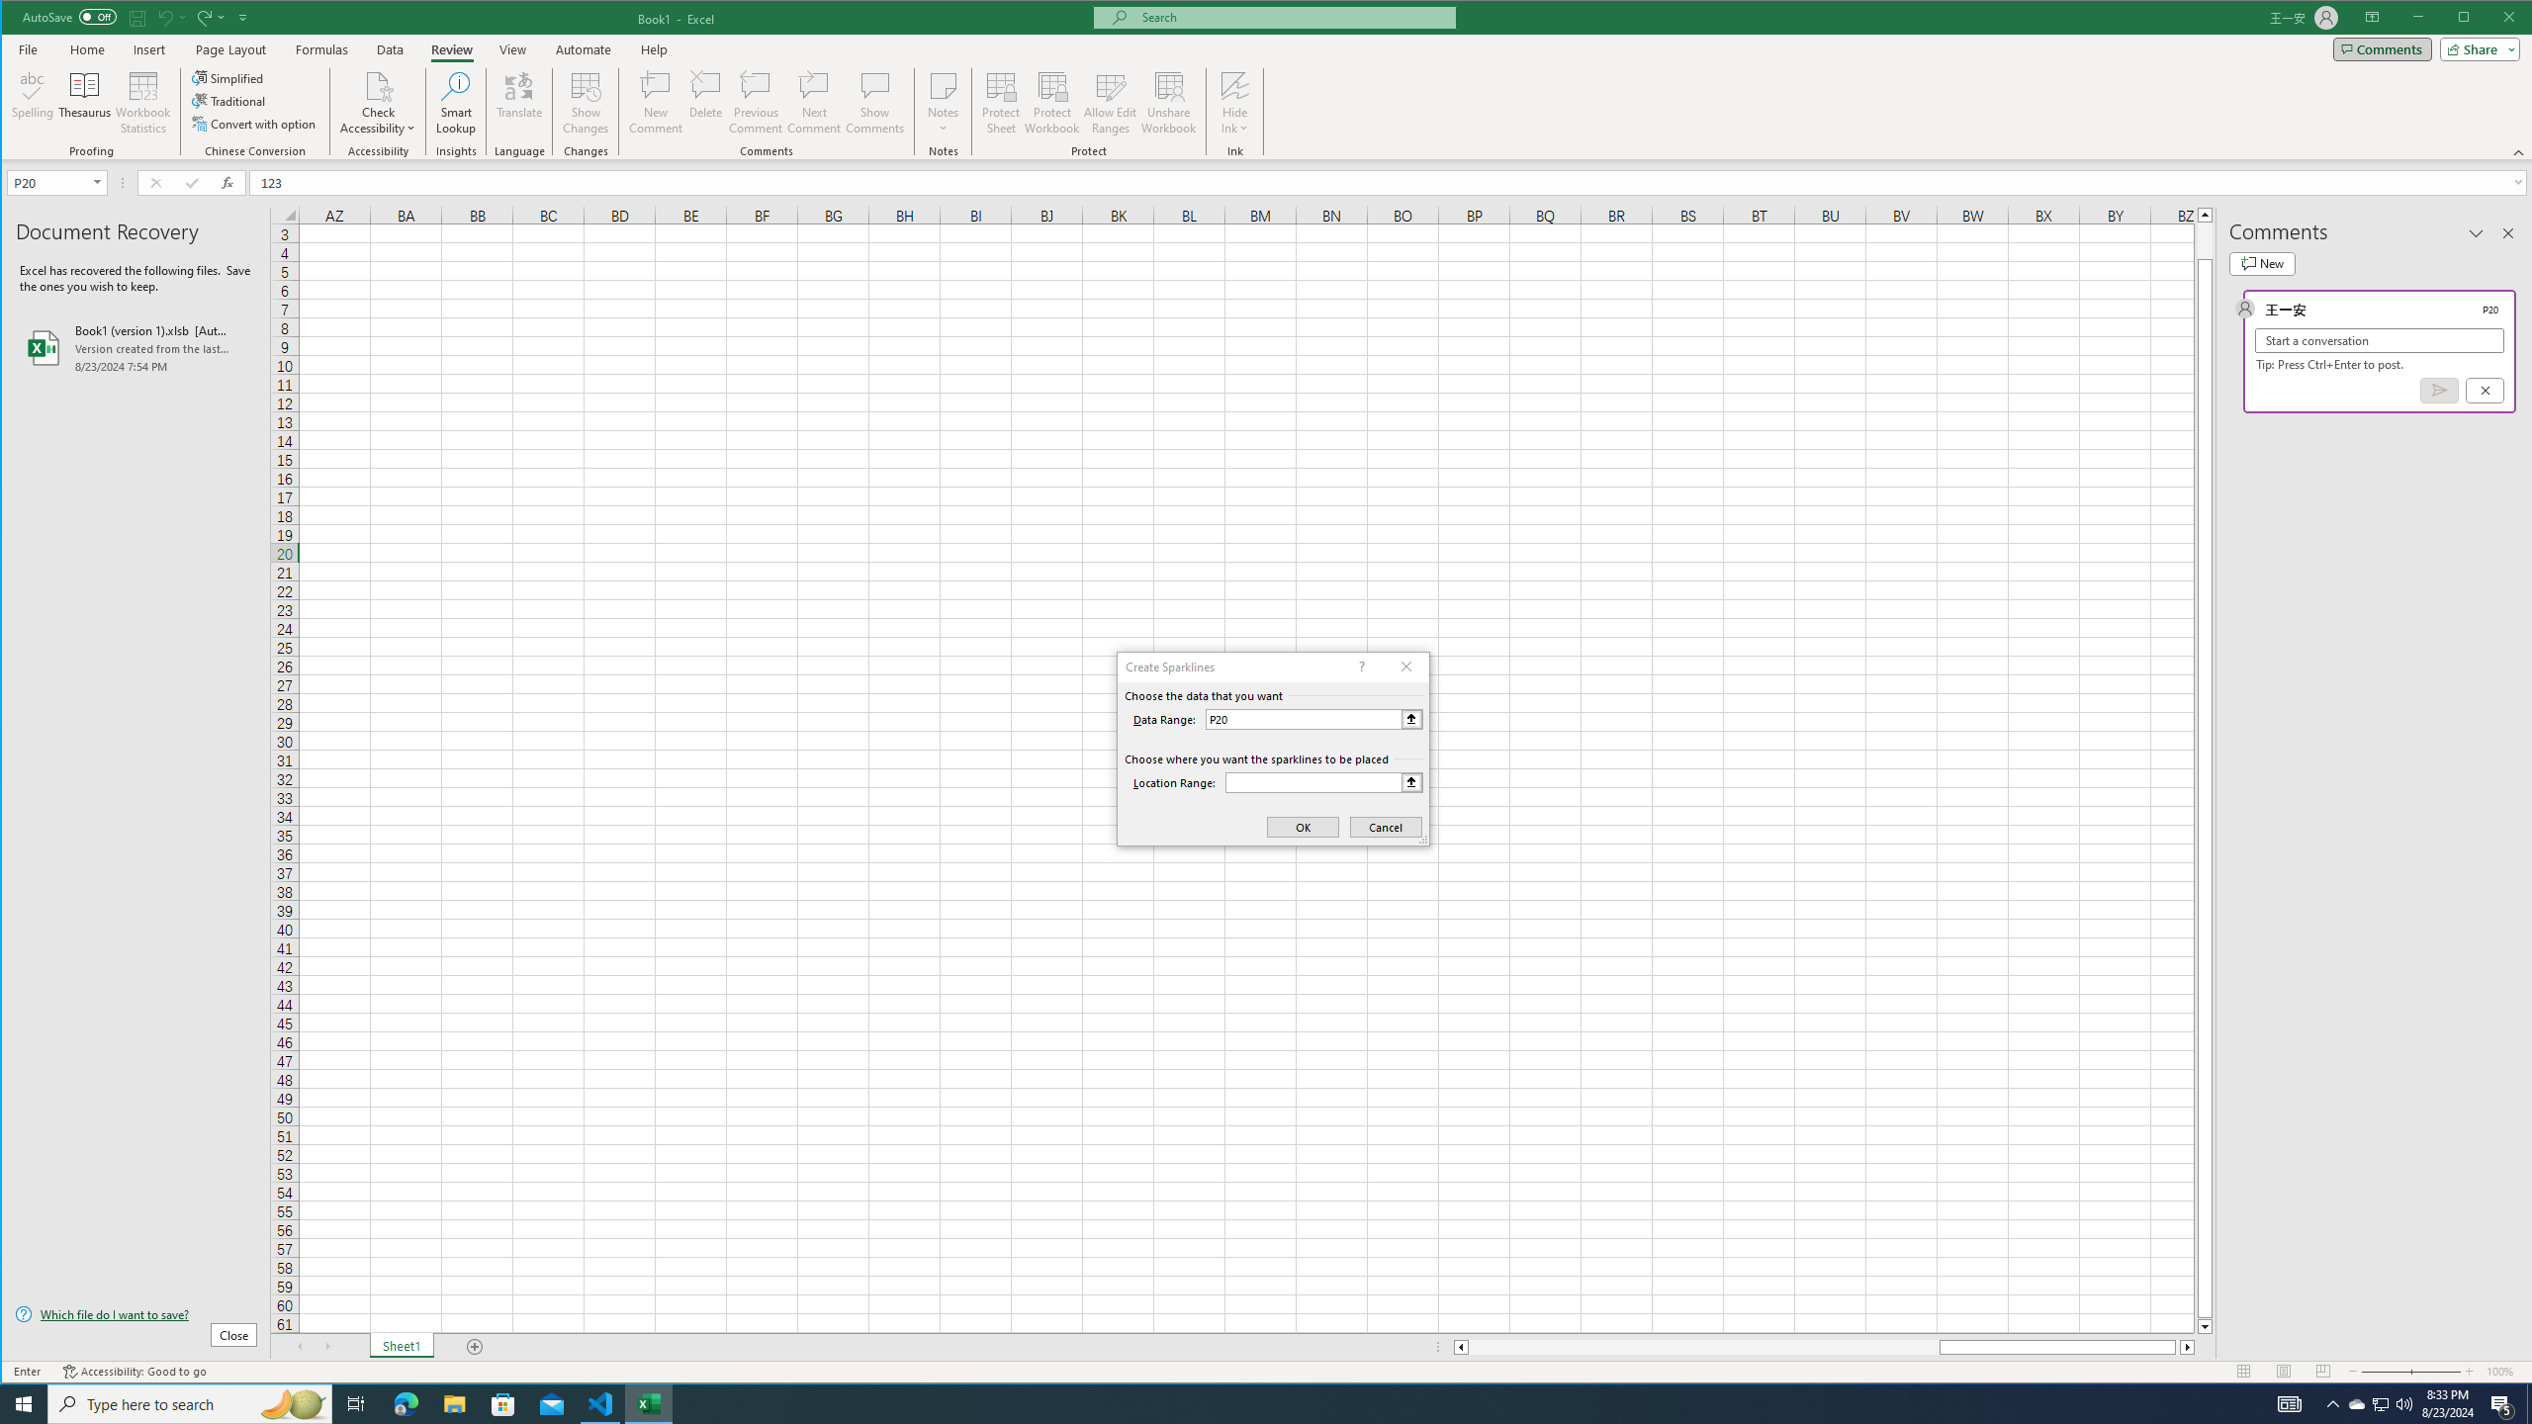 The width and height of the screenshot is (2532, 1424). Describe the element at coordinates (134, 1371) in the screenshot. I see `'Accessibility Checker Accessibility: Good to go'` at that location.